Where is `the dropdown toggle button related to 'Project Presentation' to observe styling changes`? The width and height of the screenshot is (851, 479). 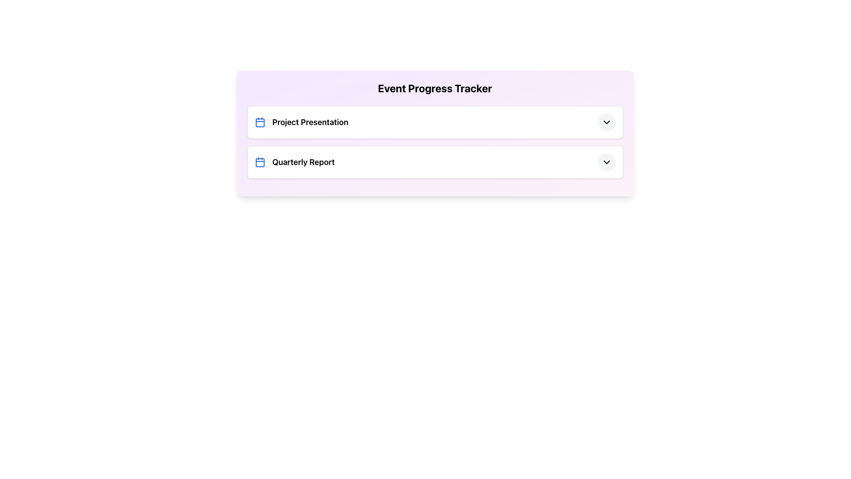
the dropdown toggle button related to 'Project Presentation' to observe styling changes is located at coordinates (606, 122).